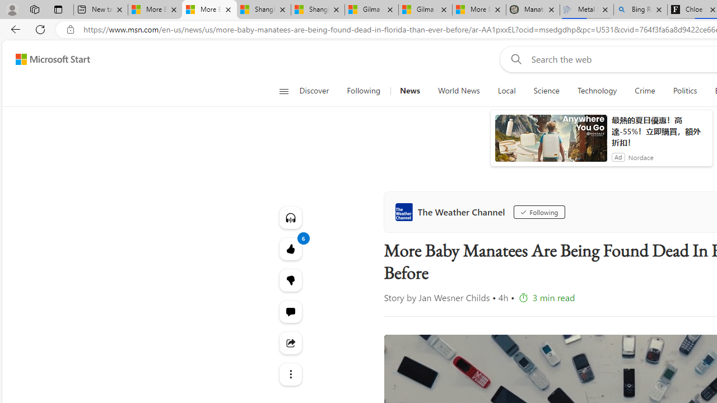 This screenshot has height=403, width=717. I want to click on 'Local', so click(506, 91).